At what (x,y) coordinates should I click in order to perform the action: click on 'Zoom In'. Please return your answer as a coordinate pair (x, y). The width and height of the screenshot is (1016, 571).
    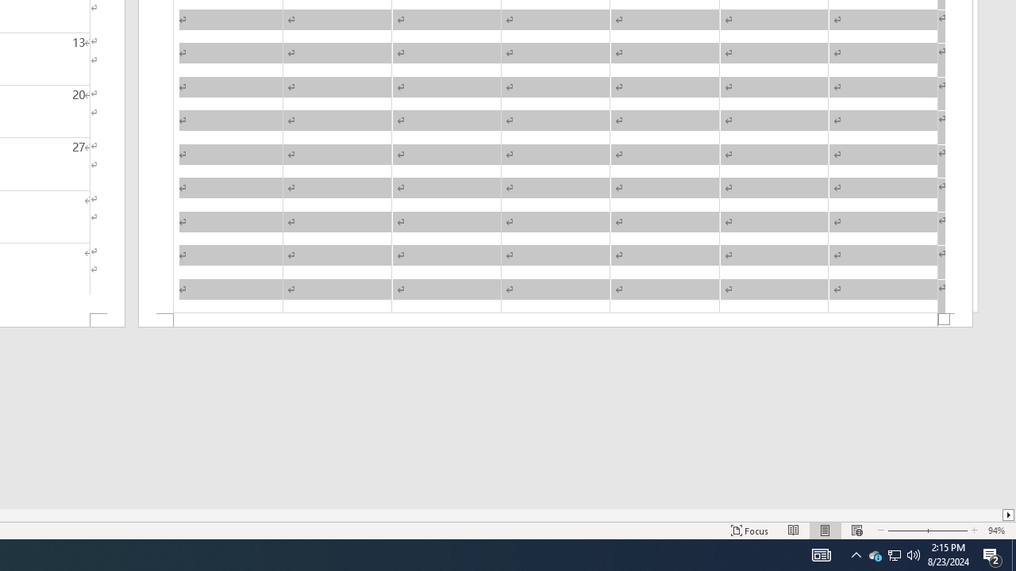
    Looking at the image, I should click on (947, 531).